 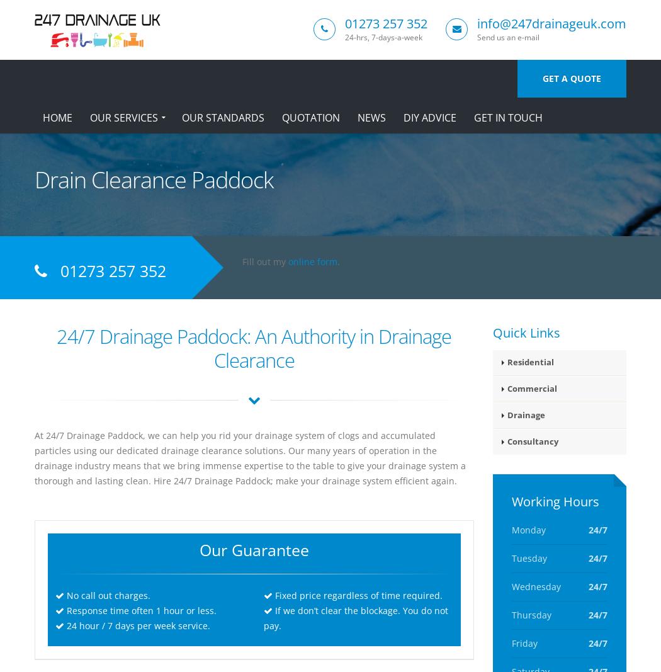 What do you see at coordinates (312, 261) in the screenshot?
I see `'online form'` at bounding box center [312, 261].